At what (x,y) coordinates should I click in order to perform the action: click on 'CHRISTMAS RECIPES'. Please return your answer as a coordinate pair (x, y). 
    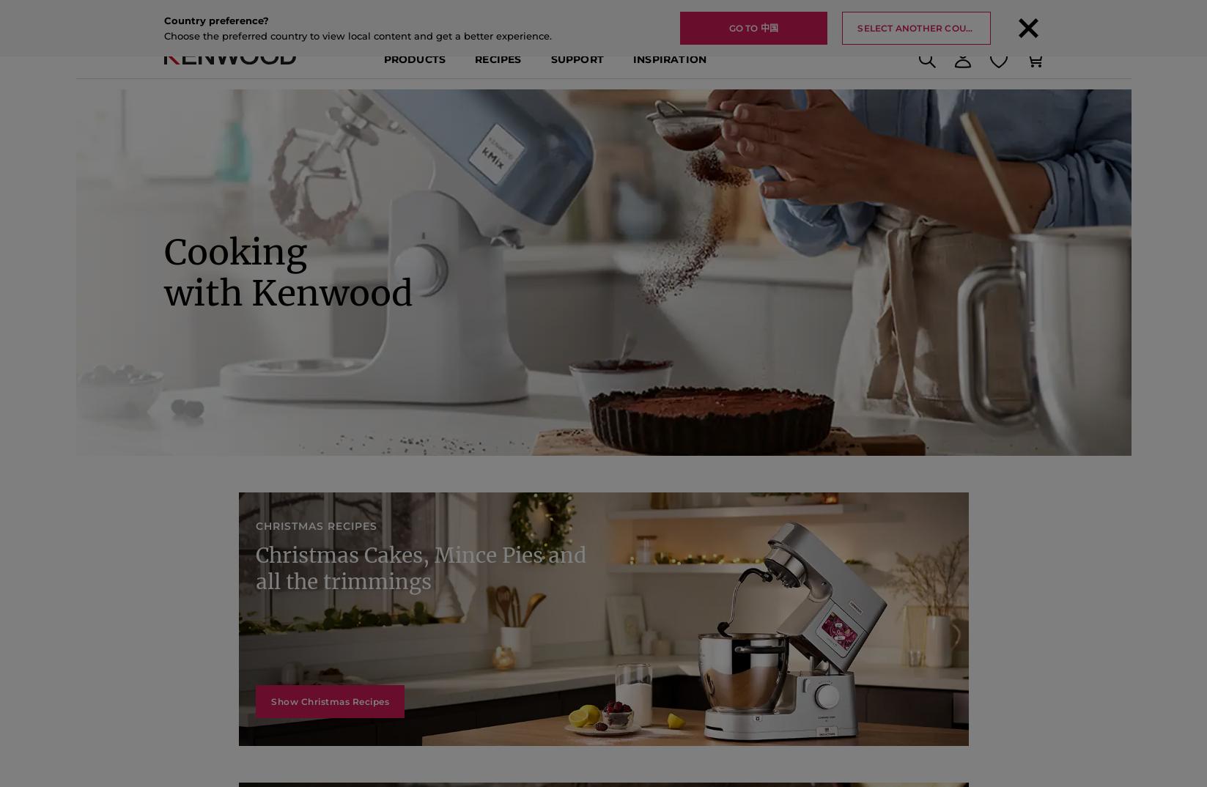
    Looking at the image, I should click on (265, 572).